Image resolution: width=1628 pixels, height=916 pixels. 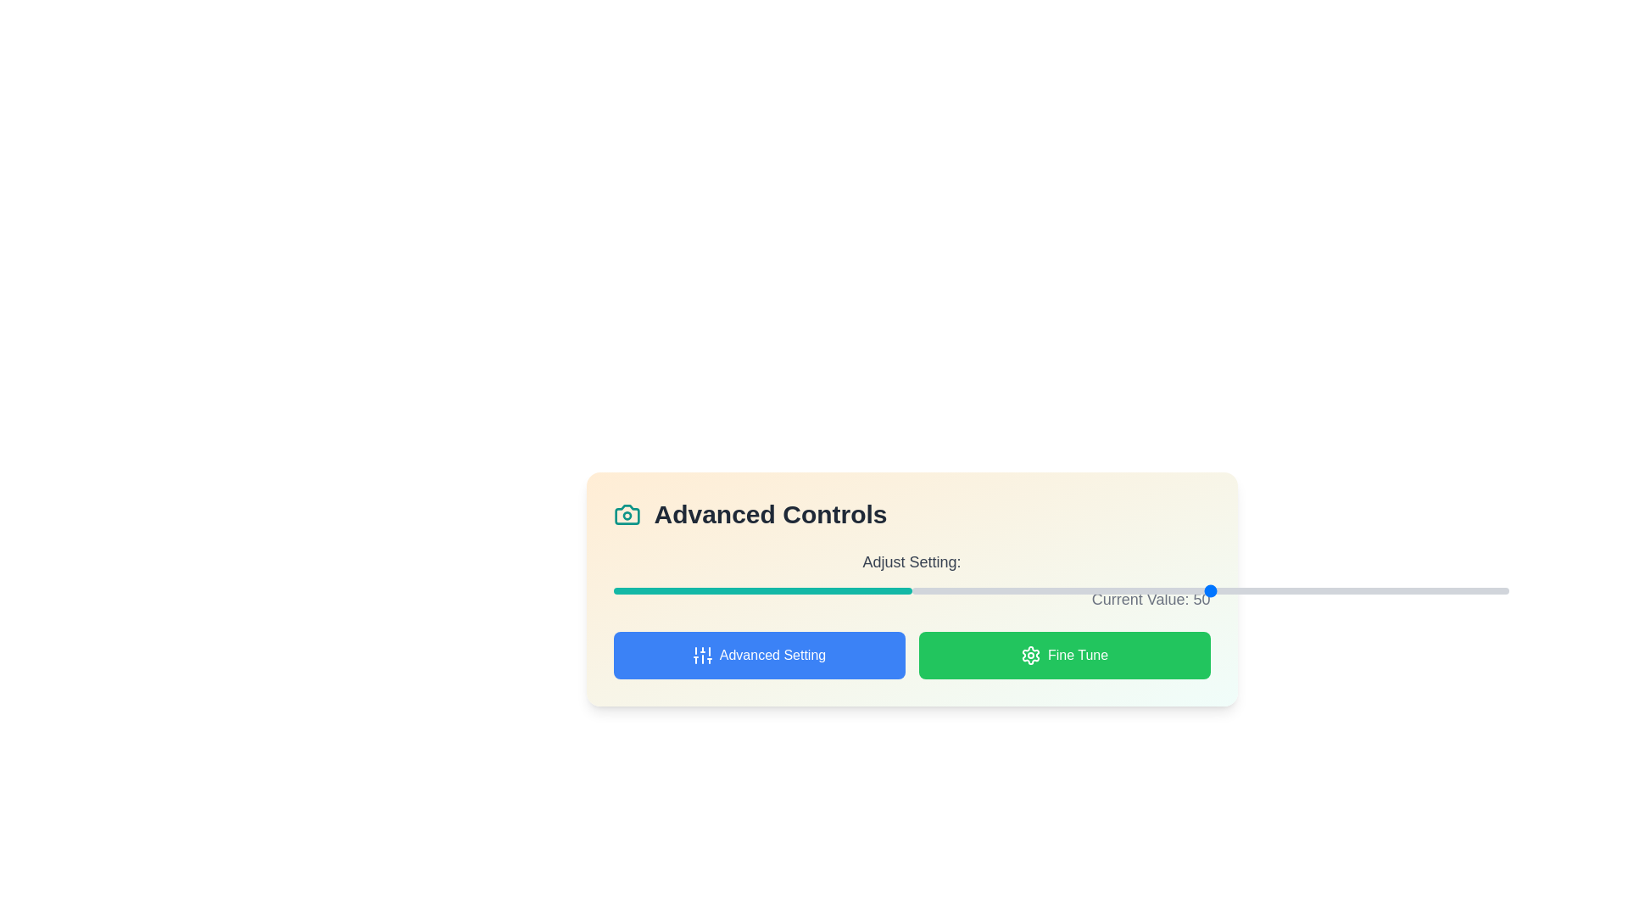 What do you see at coordinates (758, 654) in the screenshot?
I see `the 'Advanced Setting' button, which is the first button in the bottom section of the grid layout` at bounding box center [758, 654].